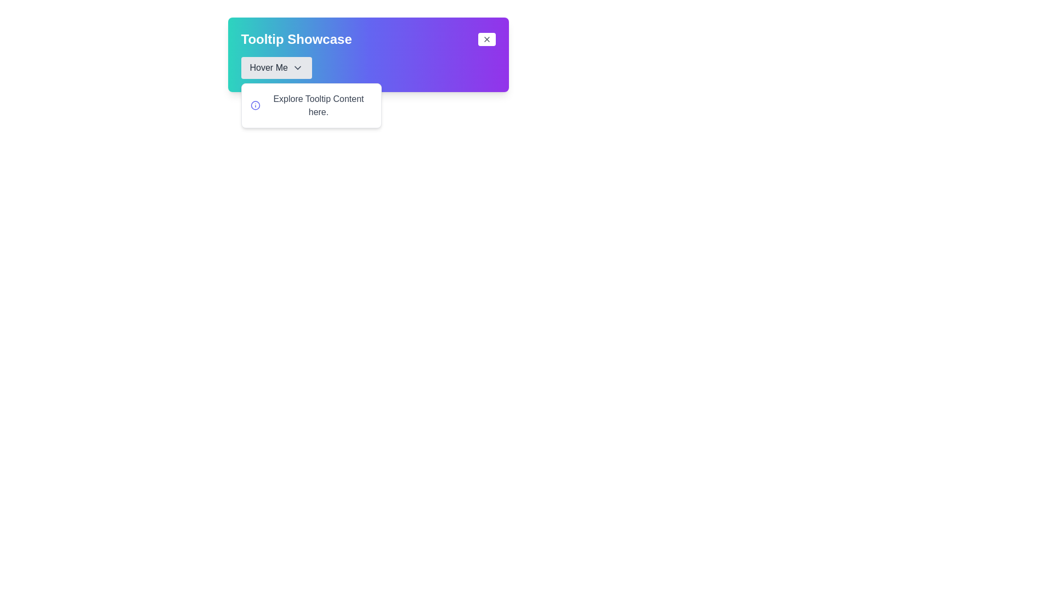 The height and width of the screenshot is (592, 1053). Describe the element at coordinates (486, 39) in the screenshot. I see `the small white square button with a dark gray 'X' icon positioned to the right of the 'Tooltip Showcase' text` at that location.